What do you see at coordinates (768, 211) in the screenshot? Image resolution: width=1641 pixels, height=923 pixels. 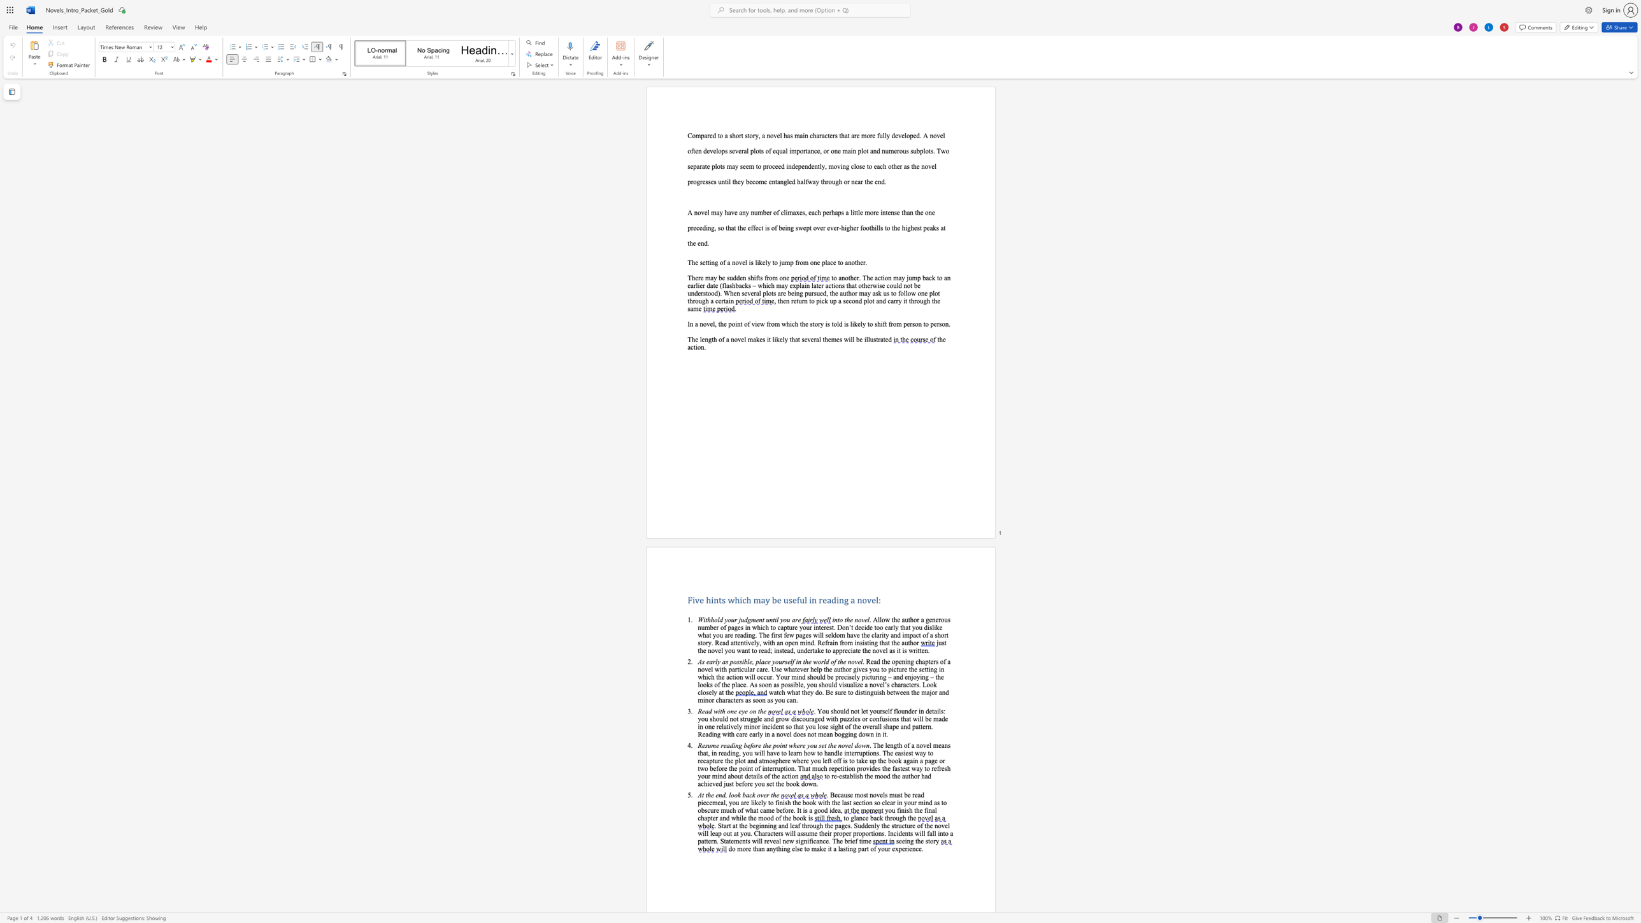 I see `the 3th character "e" in the text` at bounding box center [768, 211].